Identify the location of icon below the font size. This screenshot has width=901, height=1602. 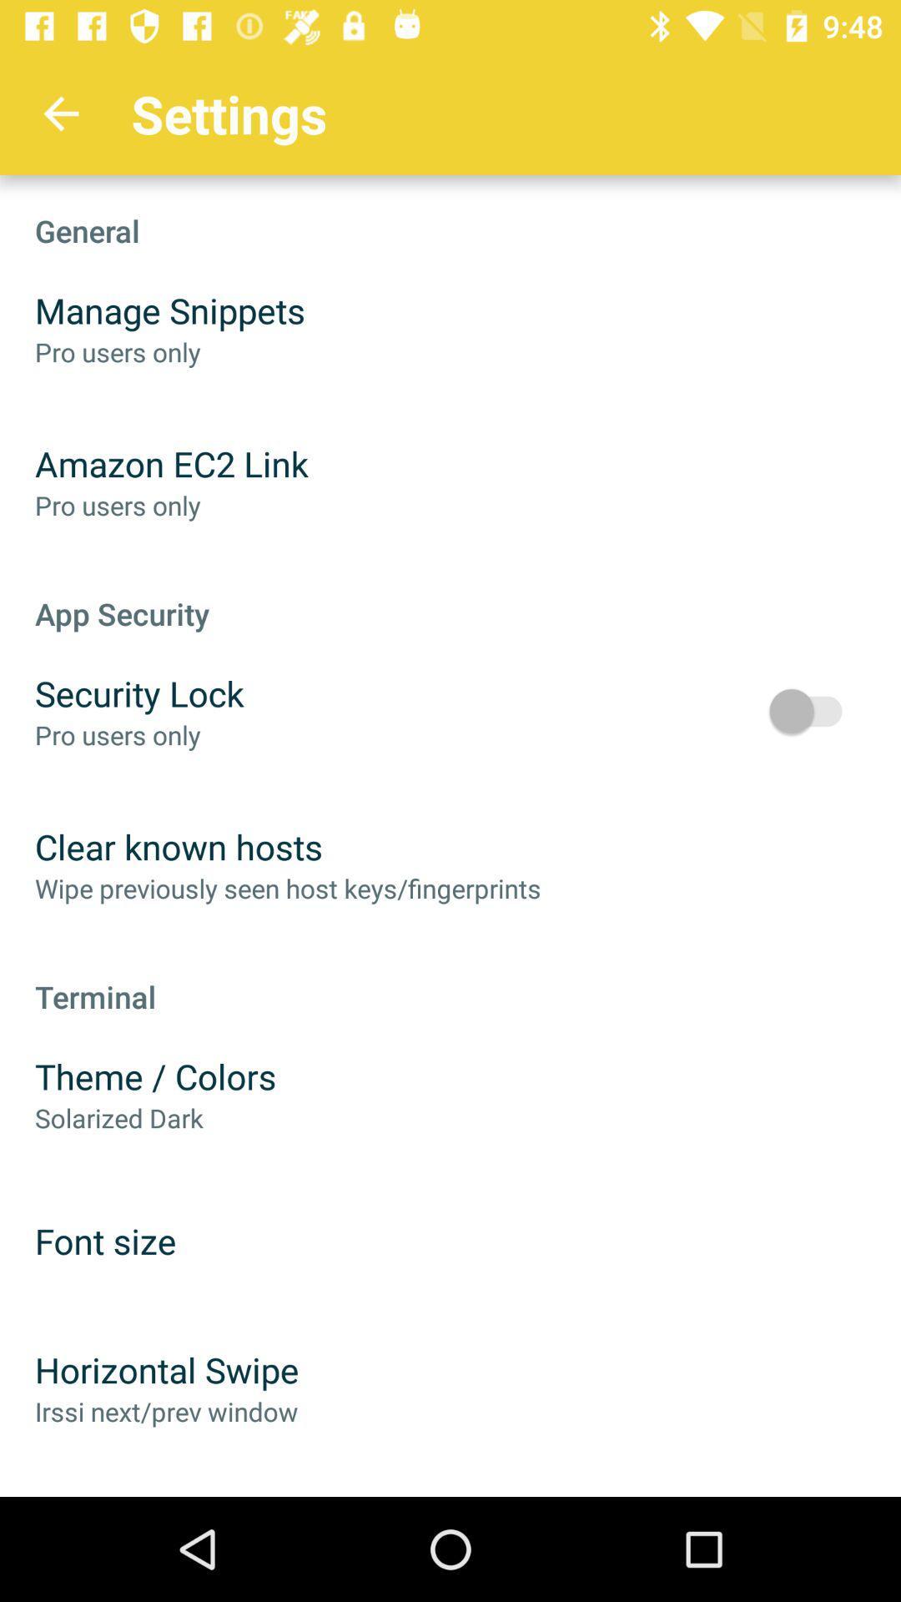
(167, 1369).